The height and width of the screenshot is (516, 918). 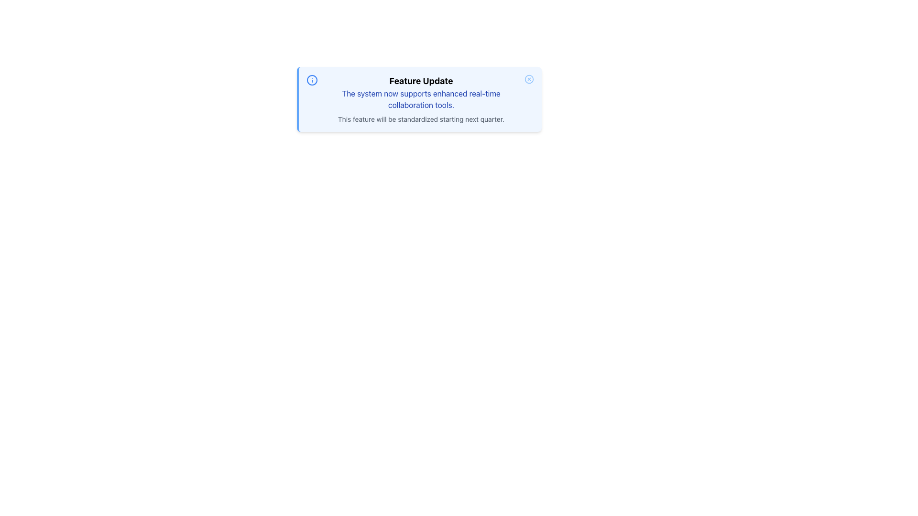 What do you see at coordinates (529, 78) in the screenshot?
I see `the dismissal button located in the top-right corner of the feature update card` at bounding box center [529, 78].